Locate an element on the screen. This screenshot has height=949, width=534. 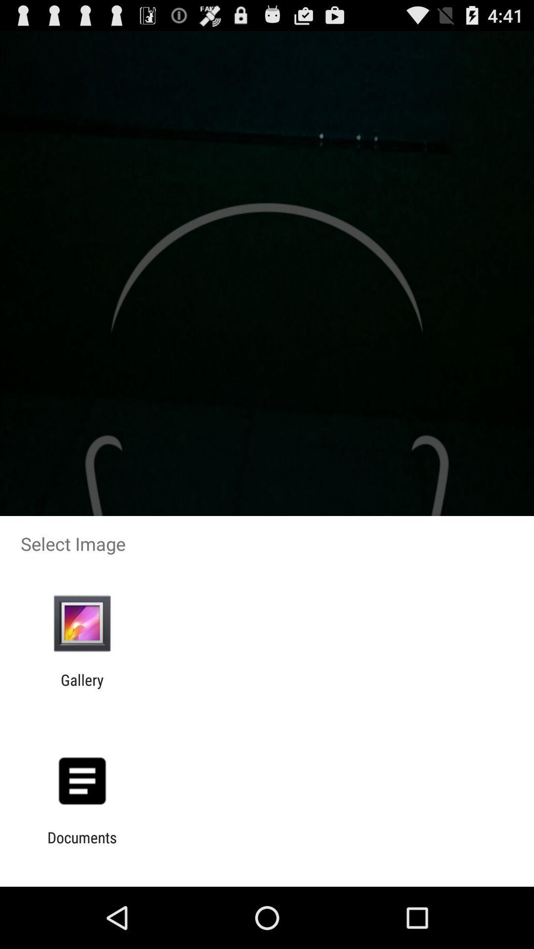
the documents item is located at coordinates (82, 846).